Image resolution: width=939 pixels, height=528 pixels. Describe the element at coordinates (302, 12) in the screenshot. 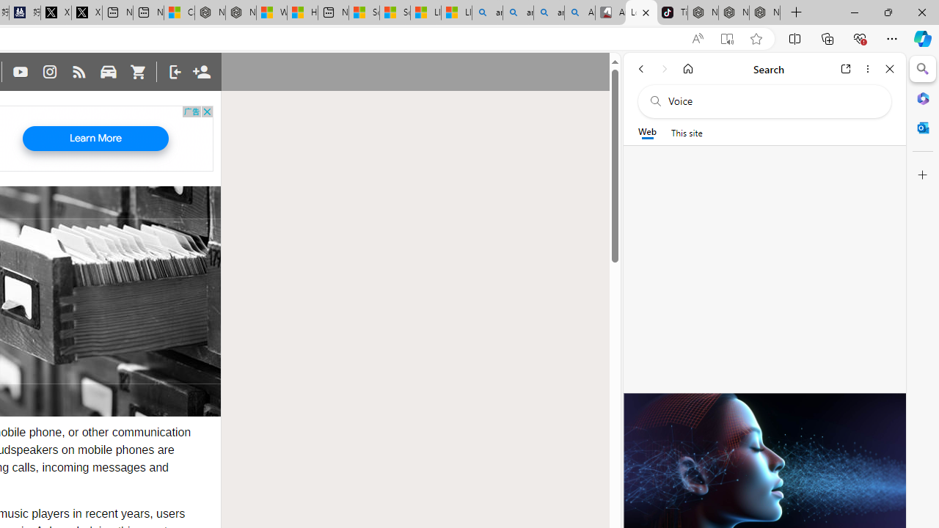

I see `'Huge shark washes ashore at New York City beach | Watch'` at that location.